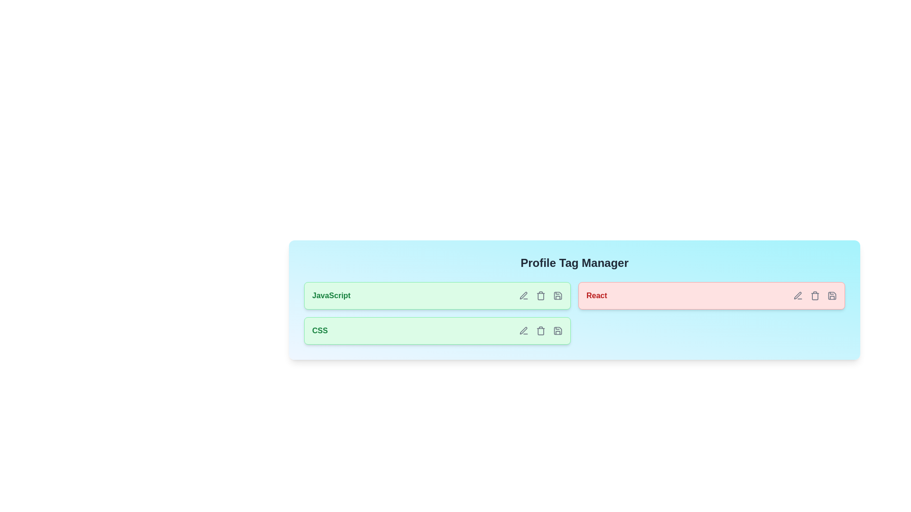 This screenshot has height=512, width=911. Describe the element at coordinates (831, 295) in the screenshot. I see `save icon for the tag labeled React` at that location.